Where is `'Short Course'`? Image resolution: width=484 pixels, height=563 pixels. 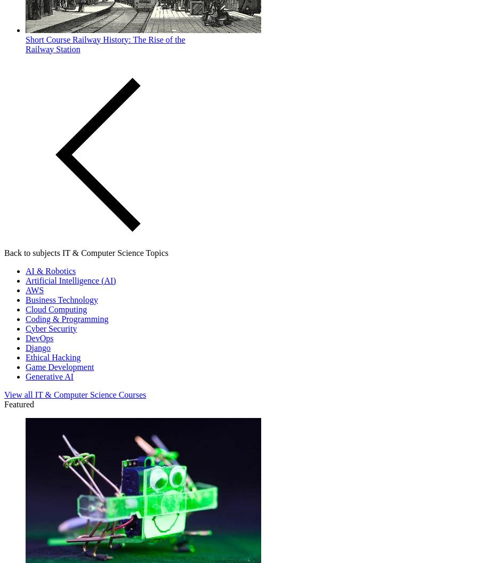 'Short Course' is located at coordinates (47, 38).